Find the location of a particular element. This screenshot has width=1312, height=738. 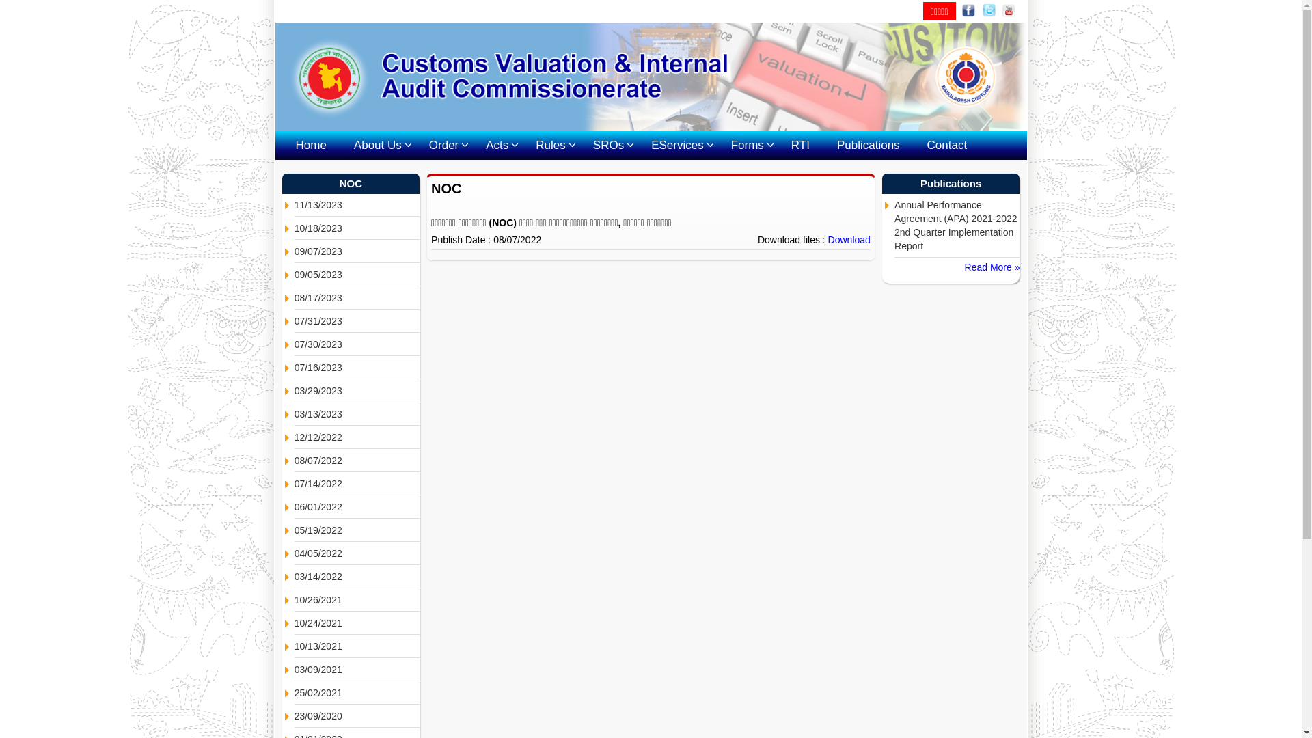

'23/09/2020' is located at coordinates (294, 715).